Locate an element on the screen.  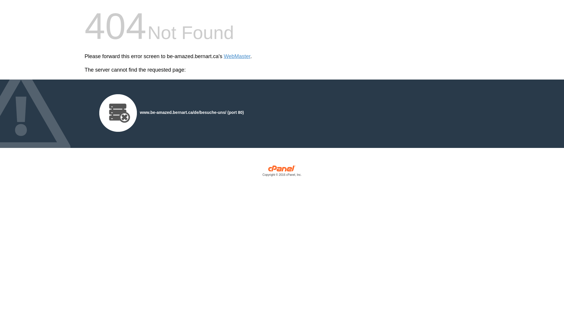
'WebMaster' is located at coordinates (224, 56).